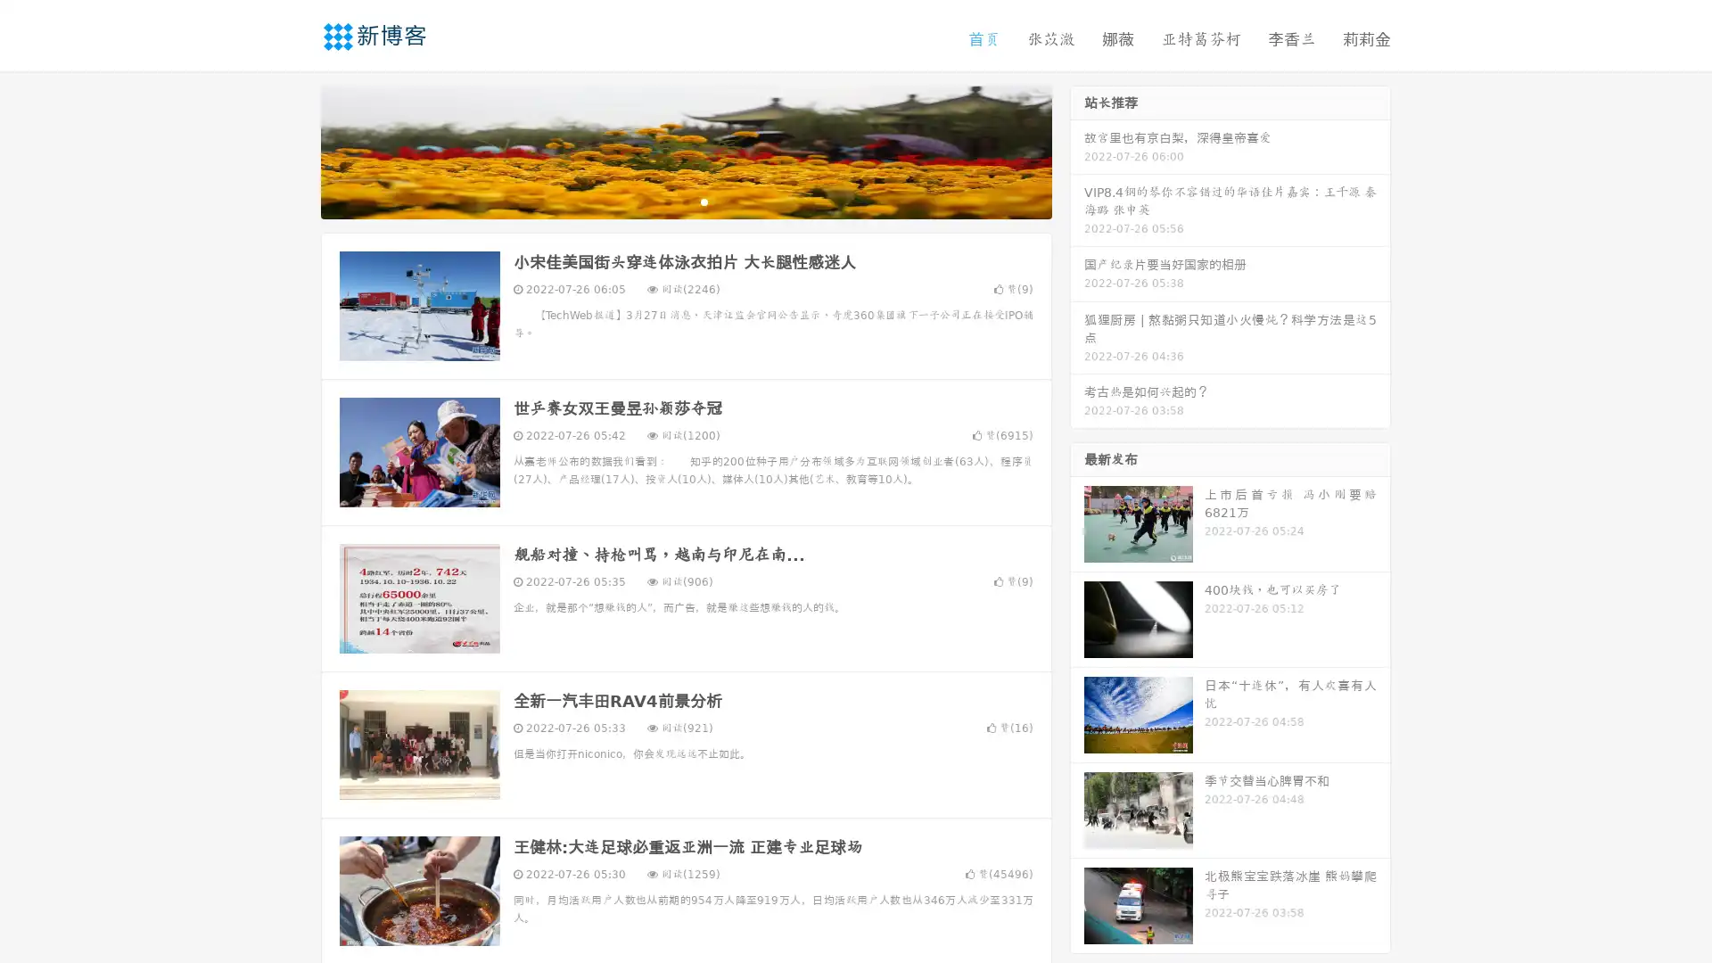 This screenshot has height=963, width=1712. Describe the element at coordinates (294, 150) in the screenshot. I see `Previous slide` at that location.